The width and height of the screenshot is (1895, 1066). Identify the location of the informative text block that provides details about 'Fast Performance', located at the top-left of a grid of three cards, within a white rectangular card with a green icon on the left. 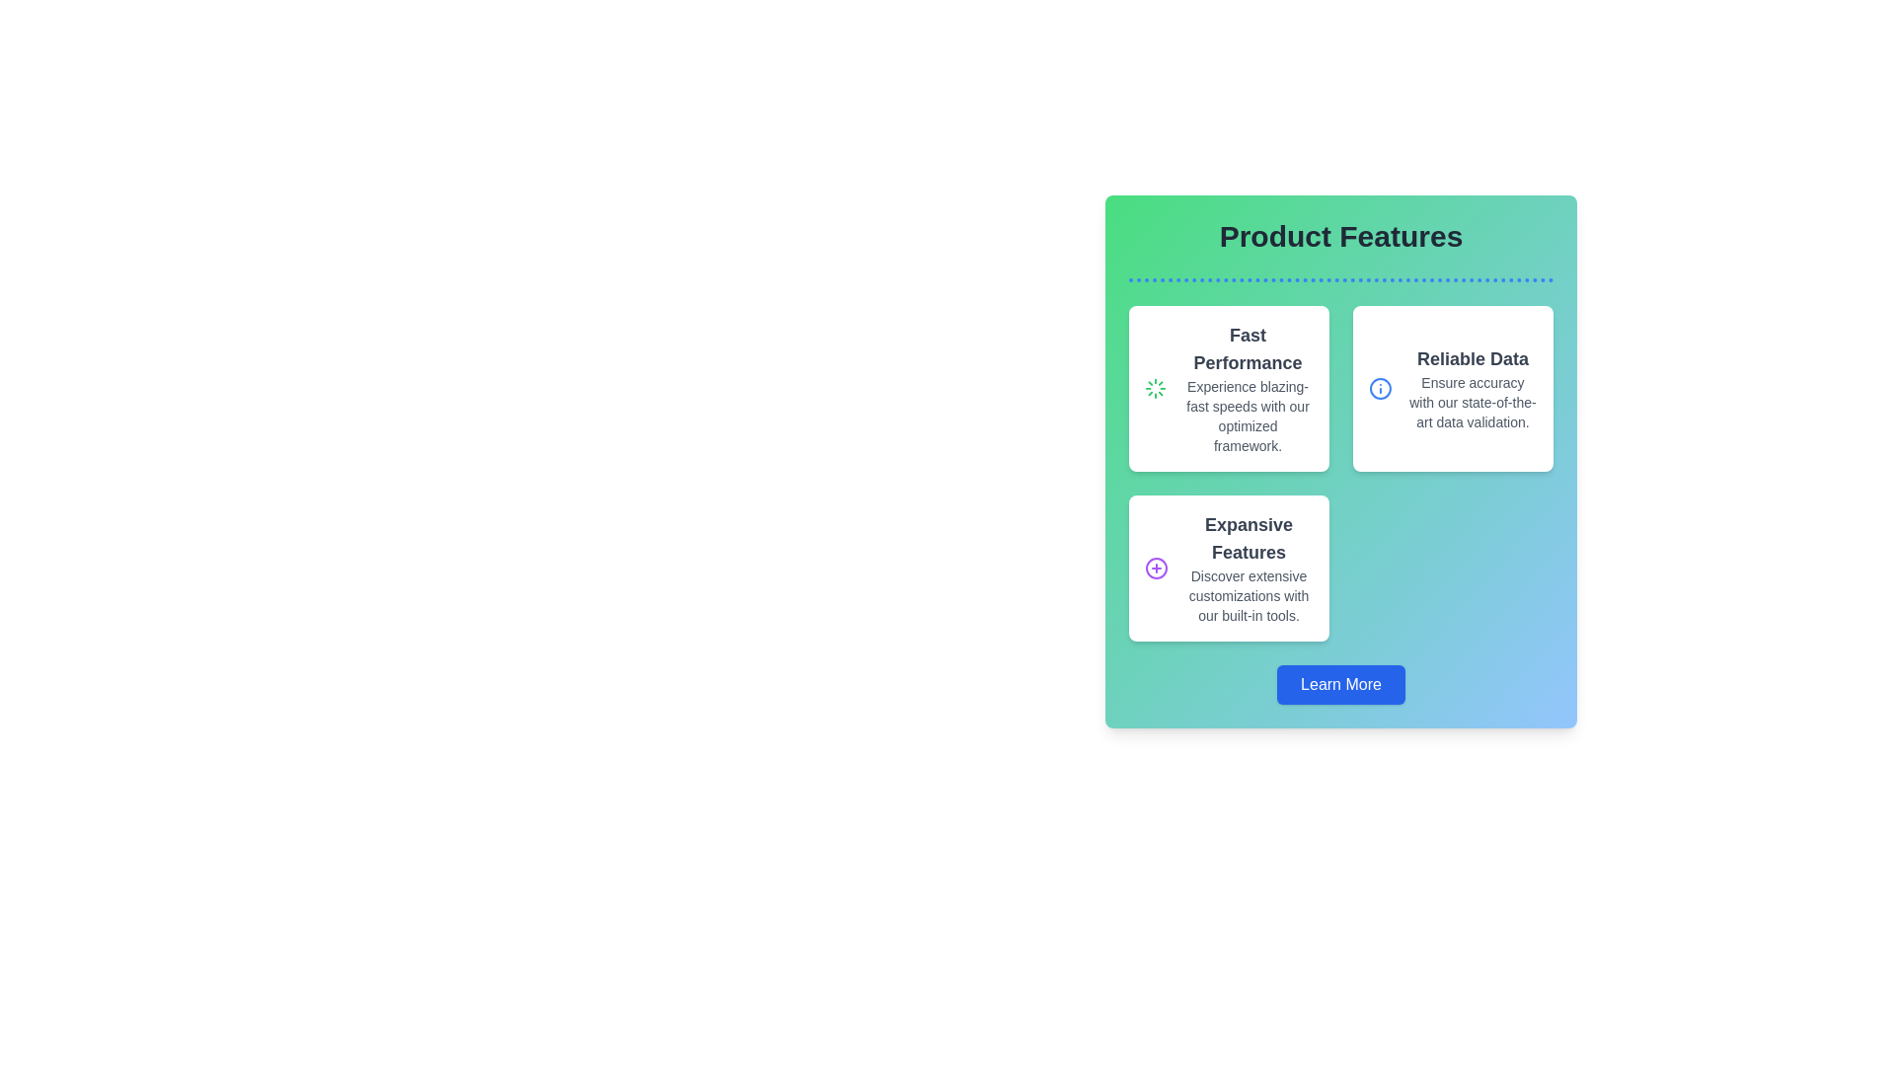
(1247, 388).